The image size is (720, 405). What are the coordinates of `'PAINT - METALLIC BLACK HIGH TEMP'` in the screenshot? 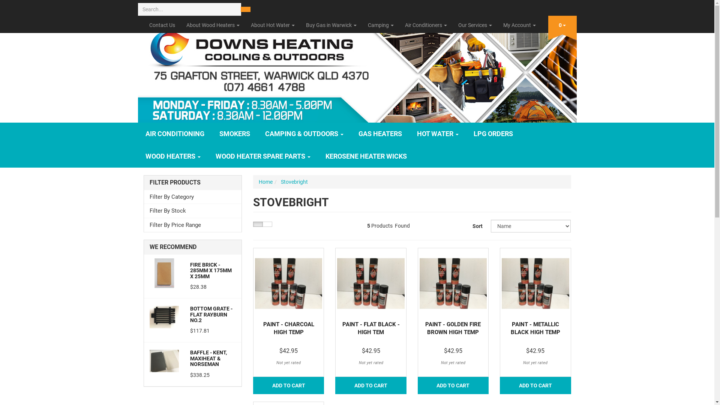 It's located at (535, 328).